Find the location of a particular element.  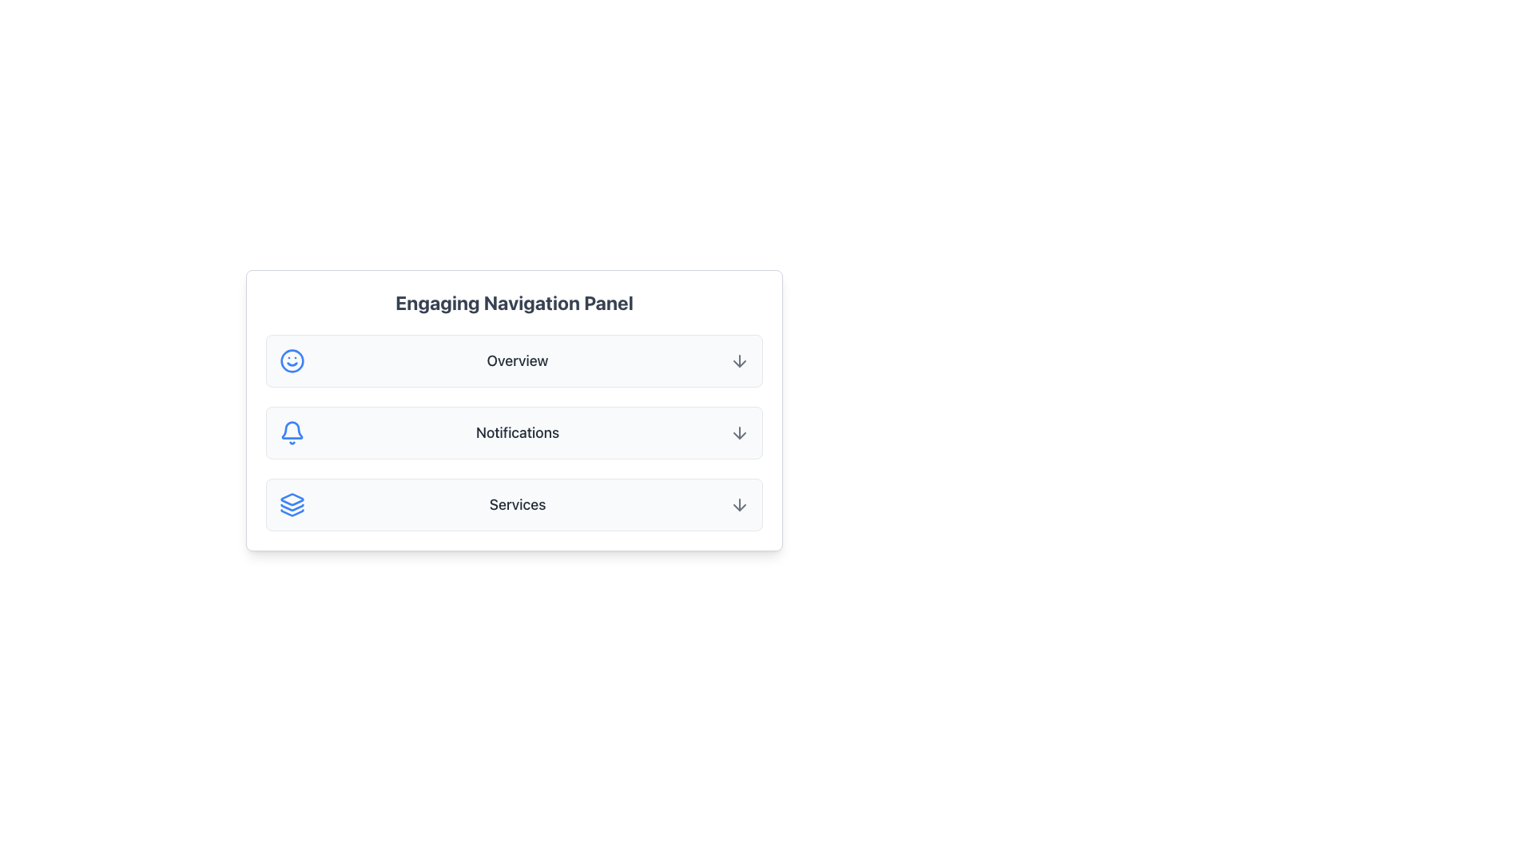

the notifications button located in the middle of the navigation panel, positioned between the 'Overview' and 'Services' options is located at coordinates (514, 433).